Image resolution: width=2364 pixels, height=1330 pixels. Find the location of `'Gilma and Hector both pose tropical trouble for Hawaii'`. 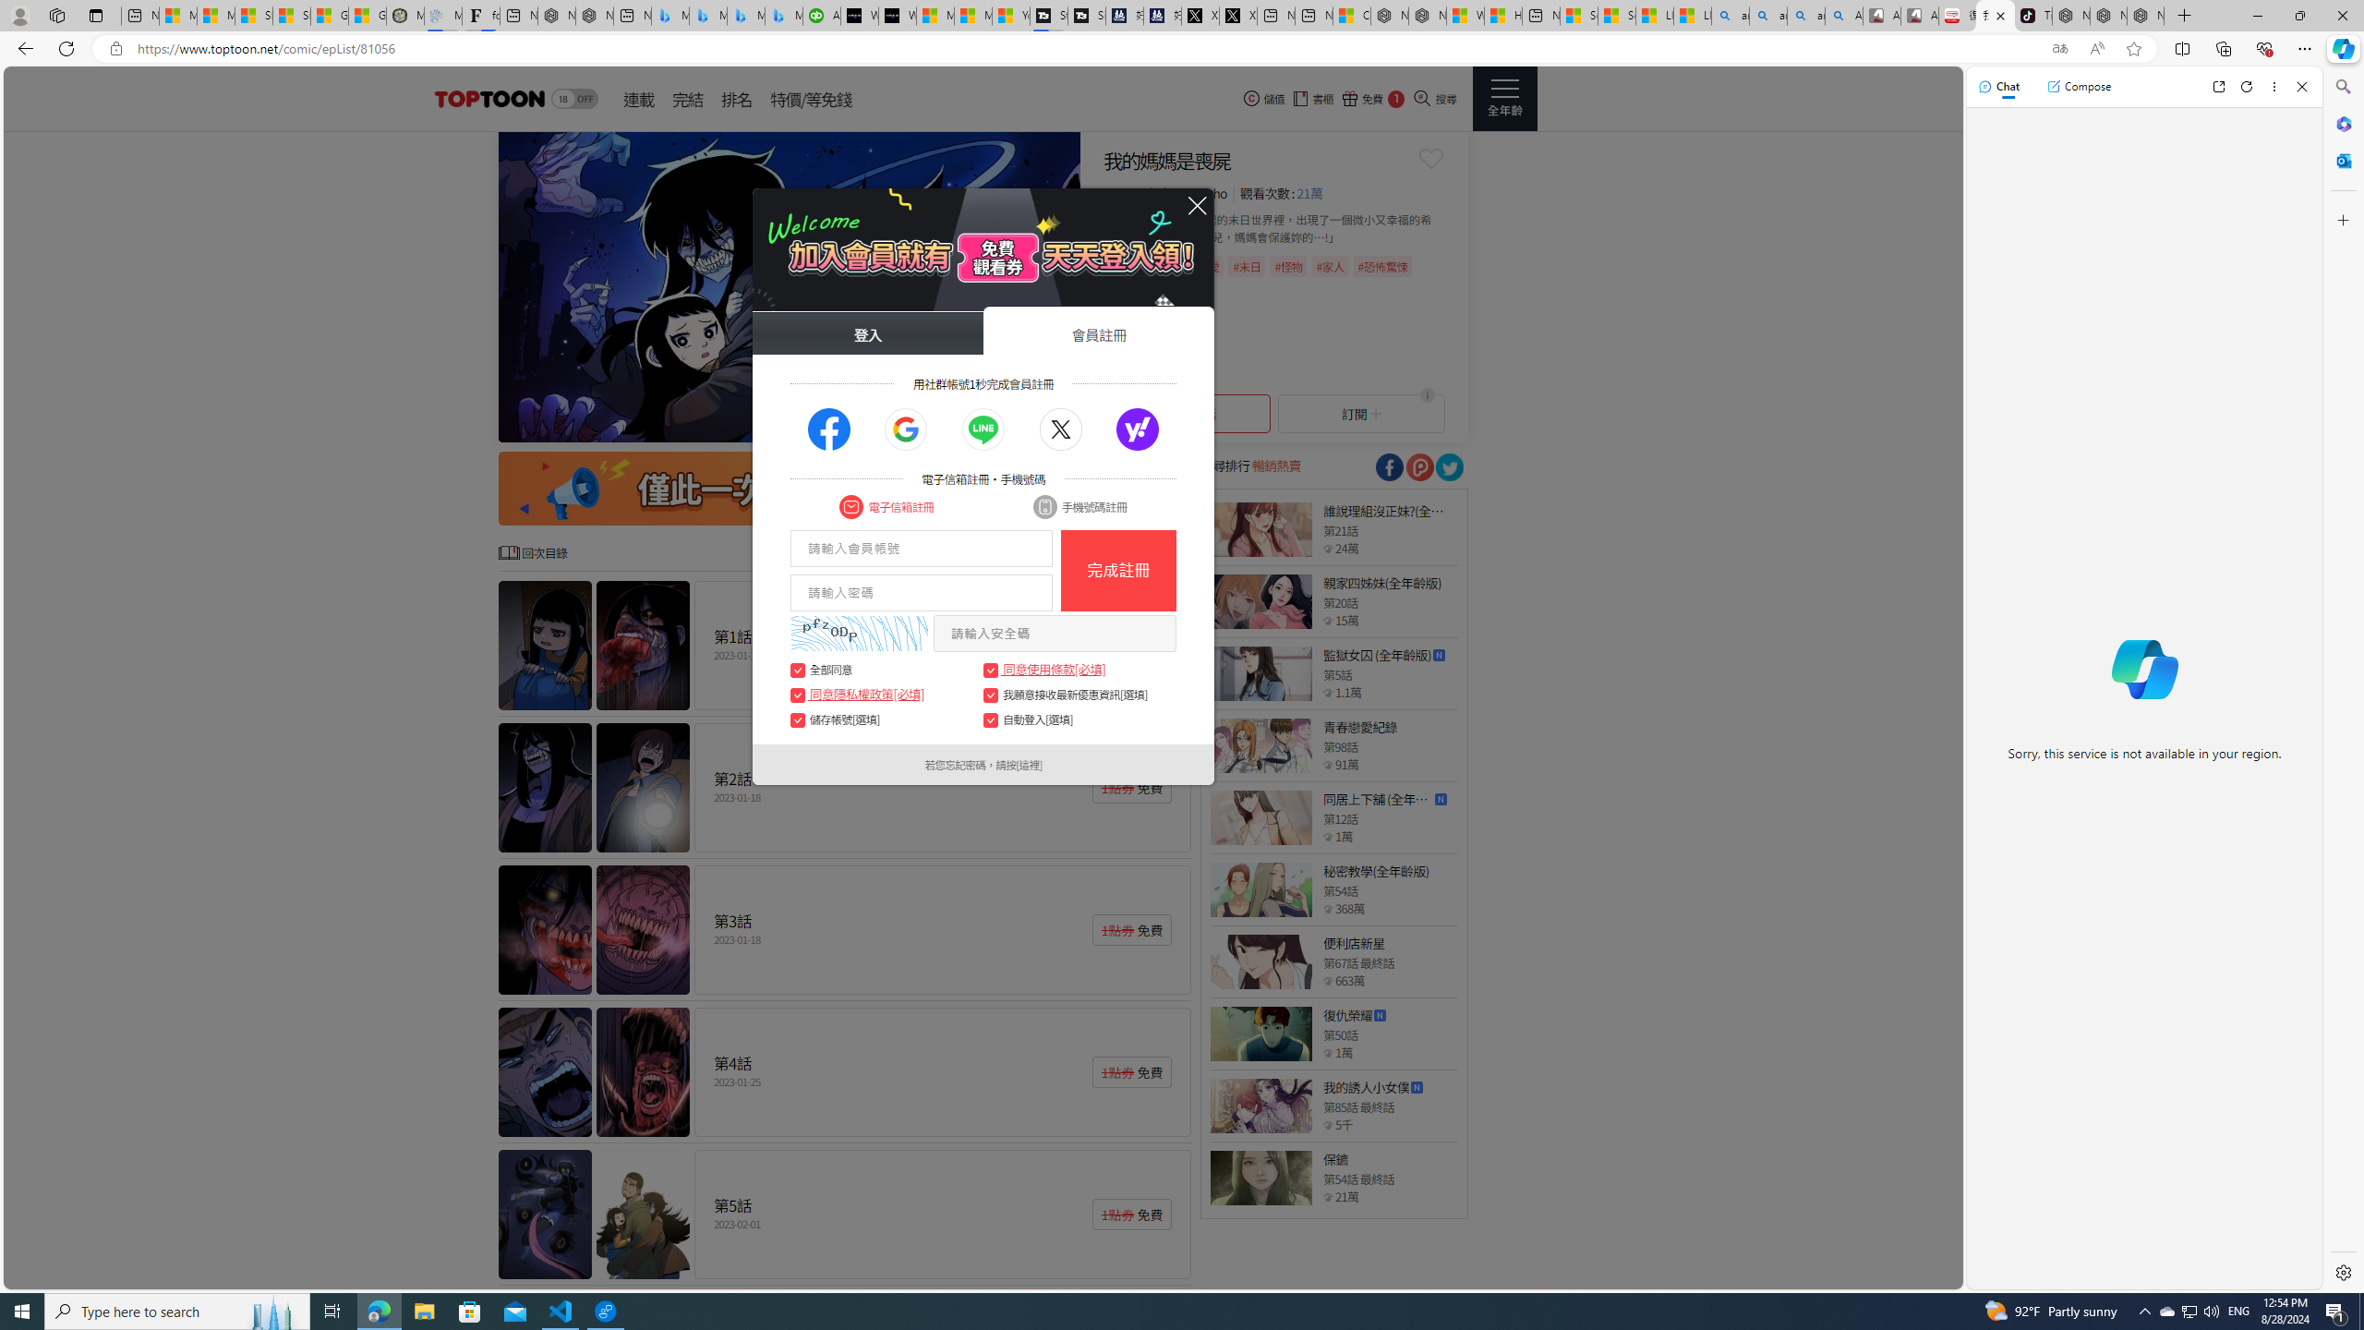

'Gilma and Hector both pose tropical trouble for Hawaii' is located at coordinates (368, 15).